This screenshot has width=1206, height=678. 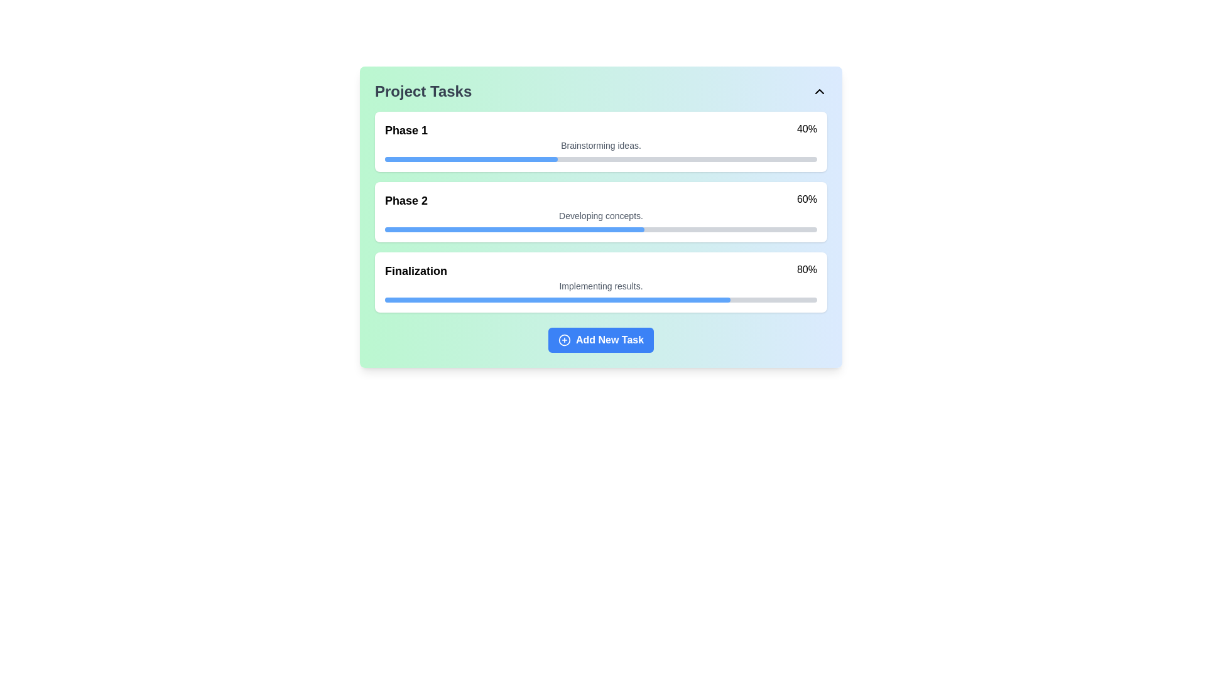 What do you see at coordinates (600, 286) in the screenshot?
I see `the Text label that provides additional context for the 'Finalization' task, located under the 'Finalization' header and the '80%' progress indicator` at bounding box center [600, 286].